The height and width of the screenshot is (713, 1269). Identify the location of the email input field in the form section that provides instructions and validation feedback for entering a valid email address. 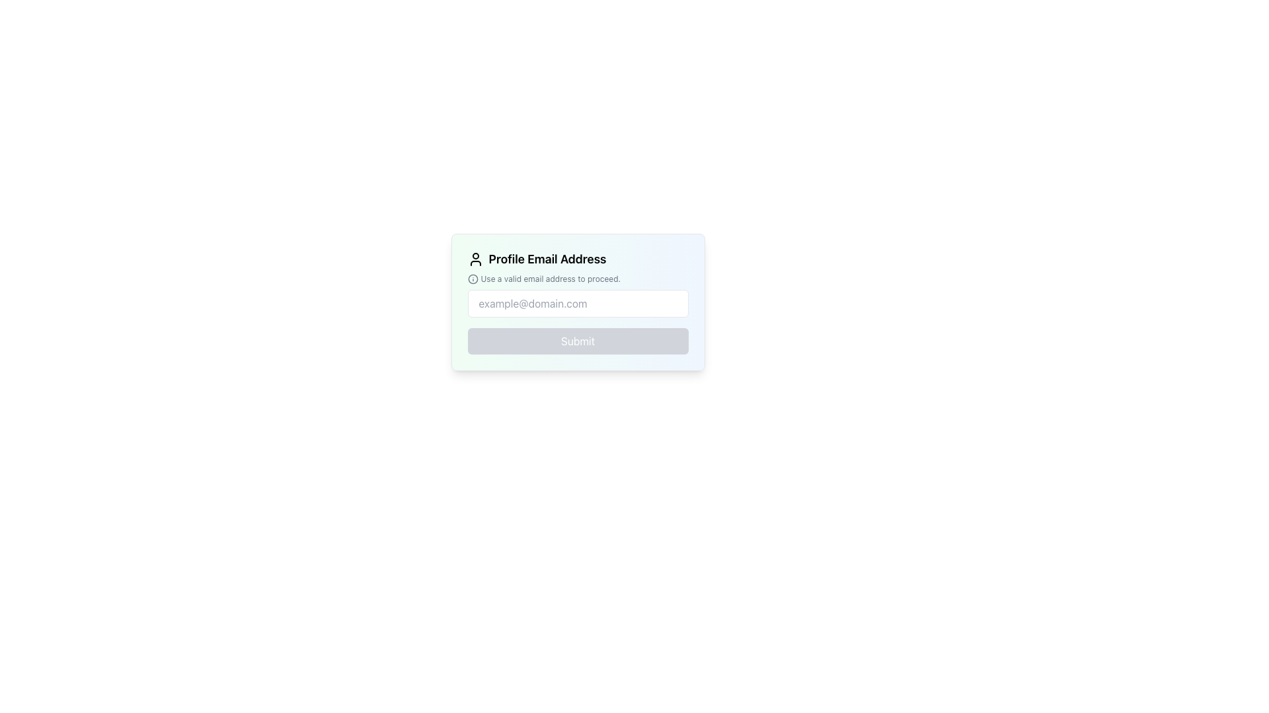
(578, 302).